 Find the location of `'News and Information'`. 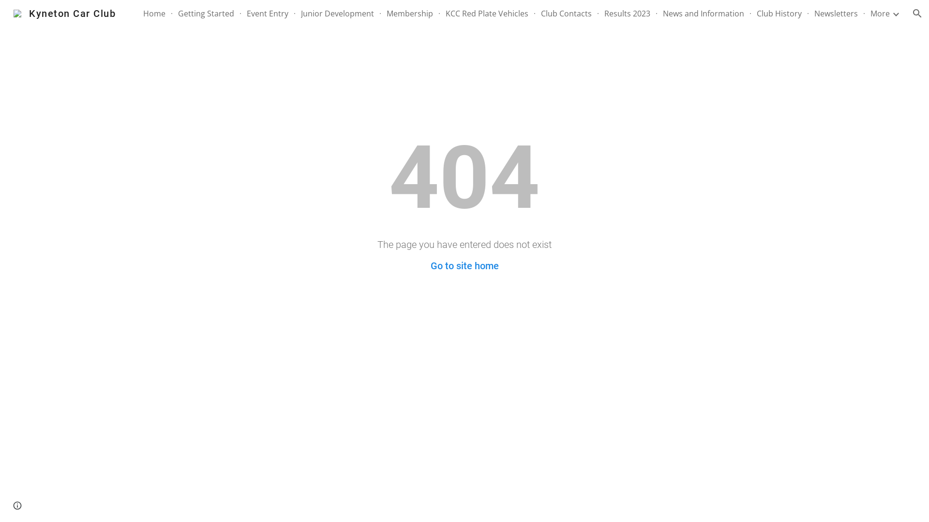

'News and Information' is located at coordinates (704, 13).